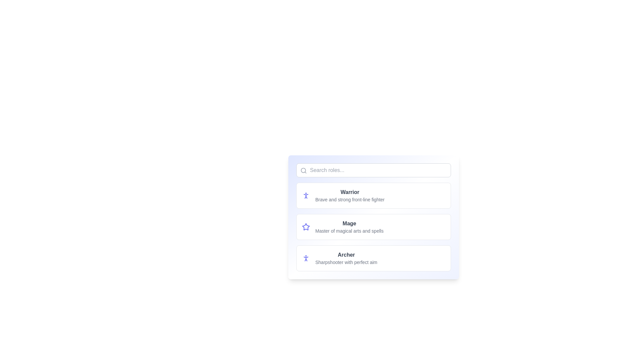 The image size is (640, 360). I want to click on the 'Mage' selectable item in the list, which has a bold text label and an indigo-colored star icon, so click(374, 227).